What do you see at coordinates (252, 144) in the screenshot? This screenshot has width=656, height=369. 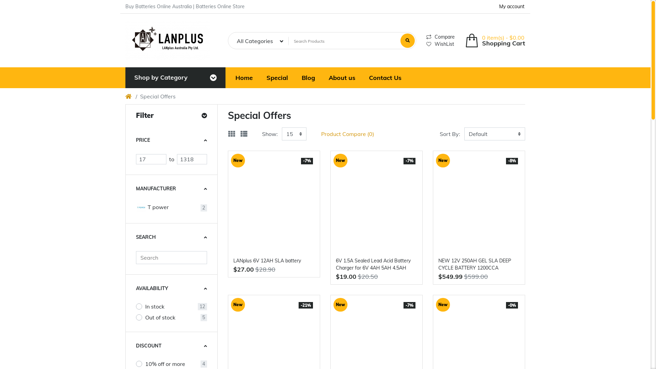 I see `'Add to Cart'` at bounding box center [252, 144].